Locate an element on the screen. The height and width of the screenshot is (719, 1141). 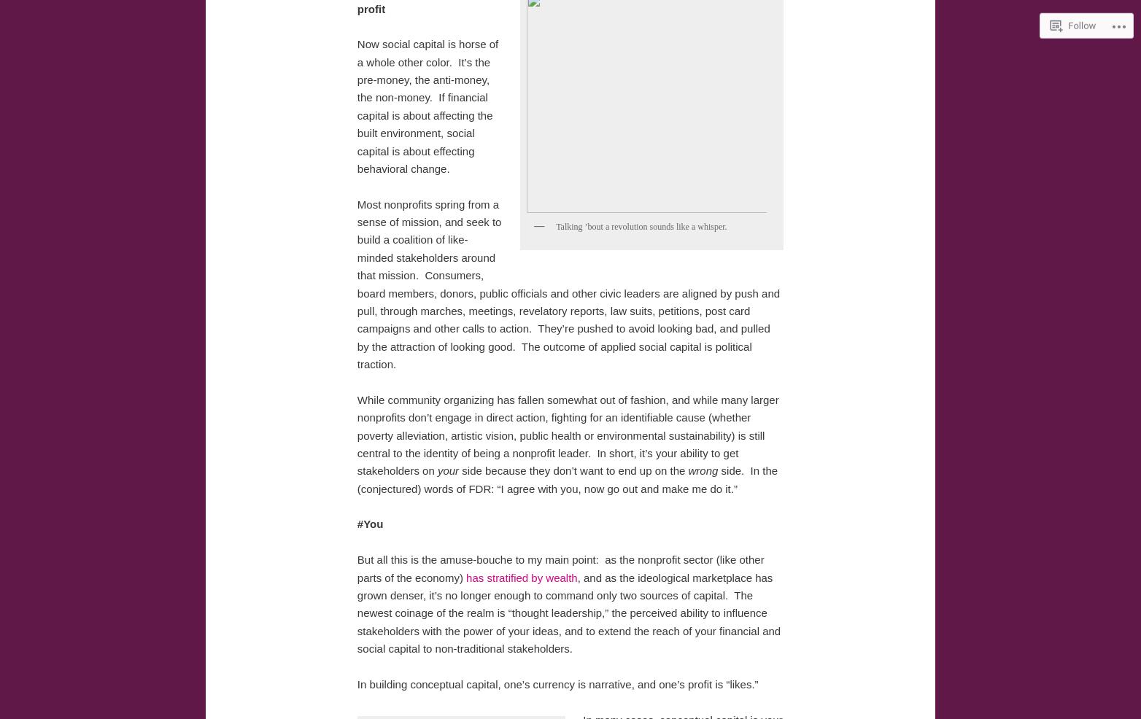
'wrong' is located at coordinates (703, 470).